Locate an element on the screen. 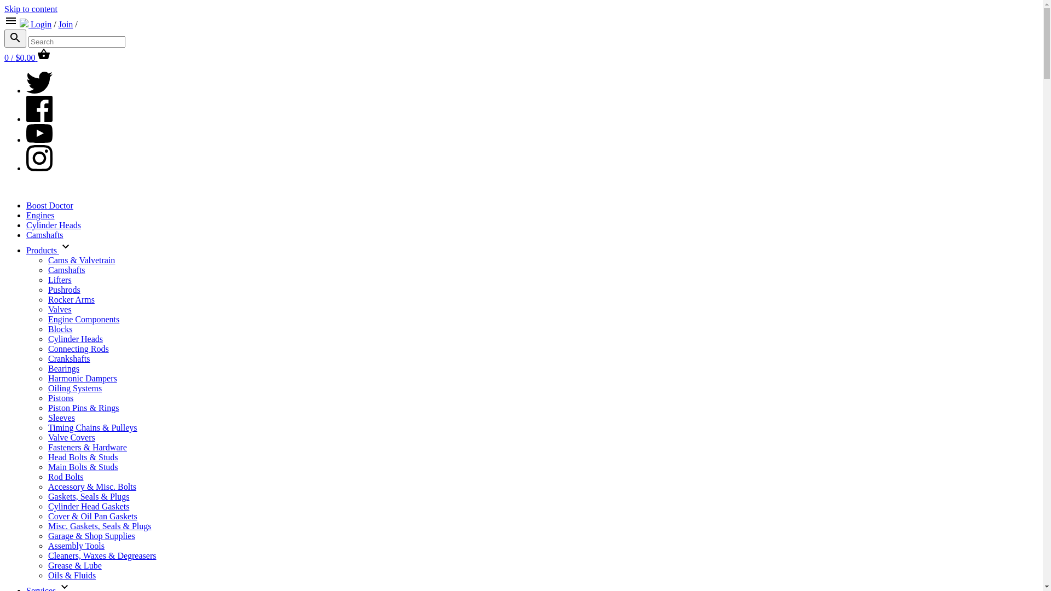 This screenshot has width=1051, height=591. 'Twitter' is located at coordinates (39, 90).